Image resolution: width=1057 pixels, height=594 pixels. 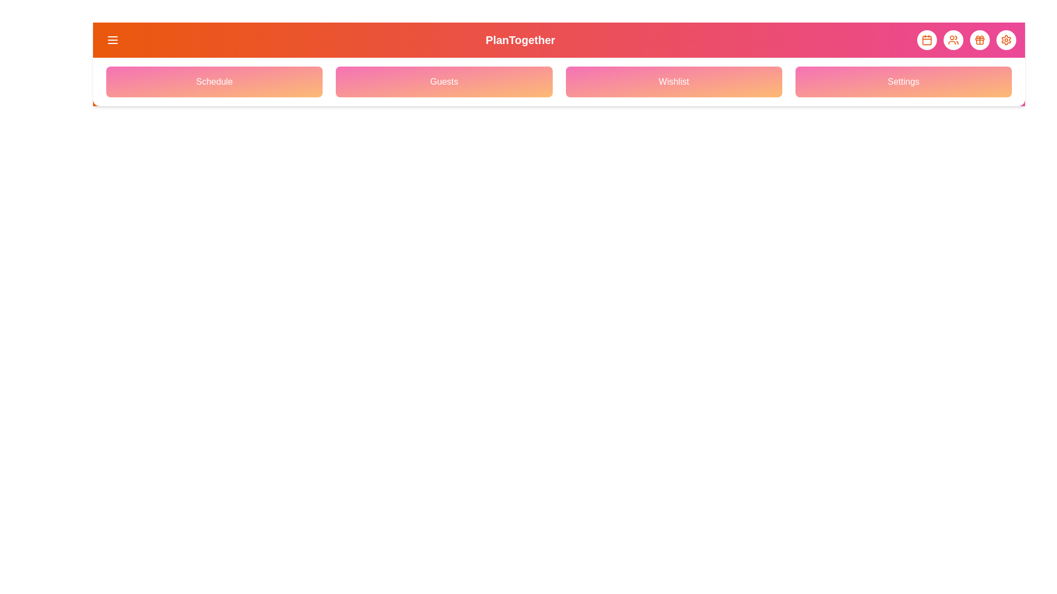 I want to click on the header title 'PlanTogether', so click(x=520, y=40).